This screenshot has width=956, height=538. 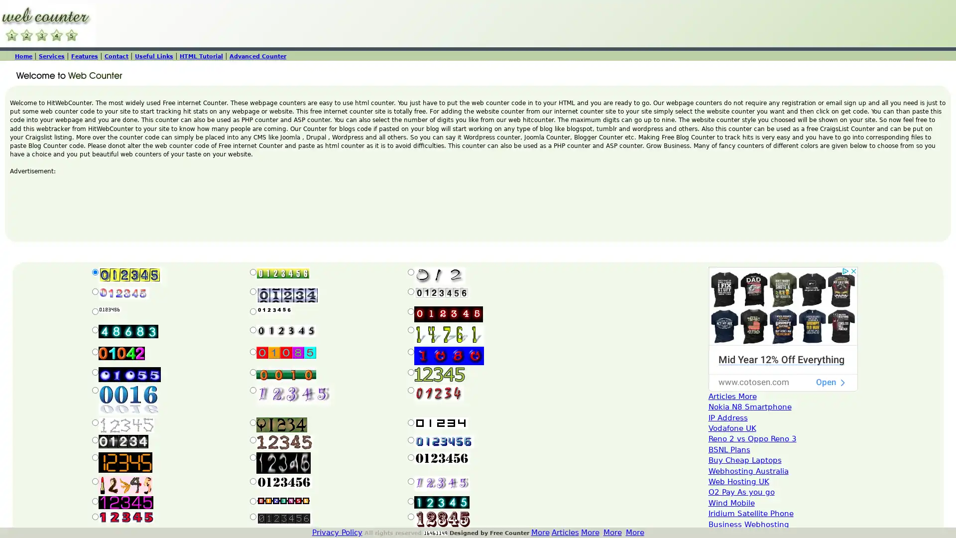 What do you see at coordinates (448, 314) in the screenshot?
I see `Submit` at bounding box center [448, 314].